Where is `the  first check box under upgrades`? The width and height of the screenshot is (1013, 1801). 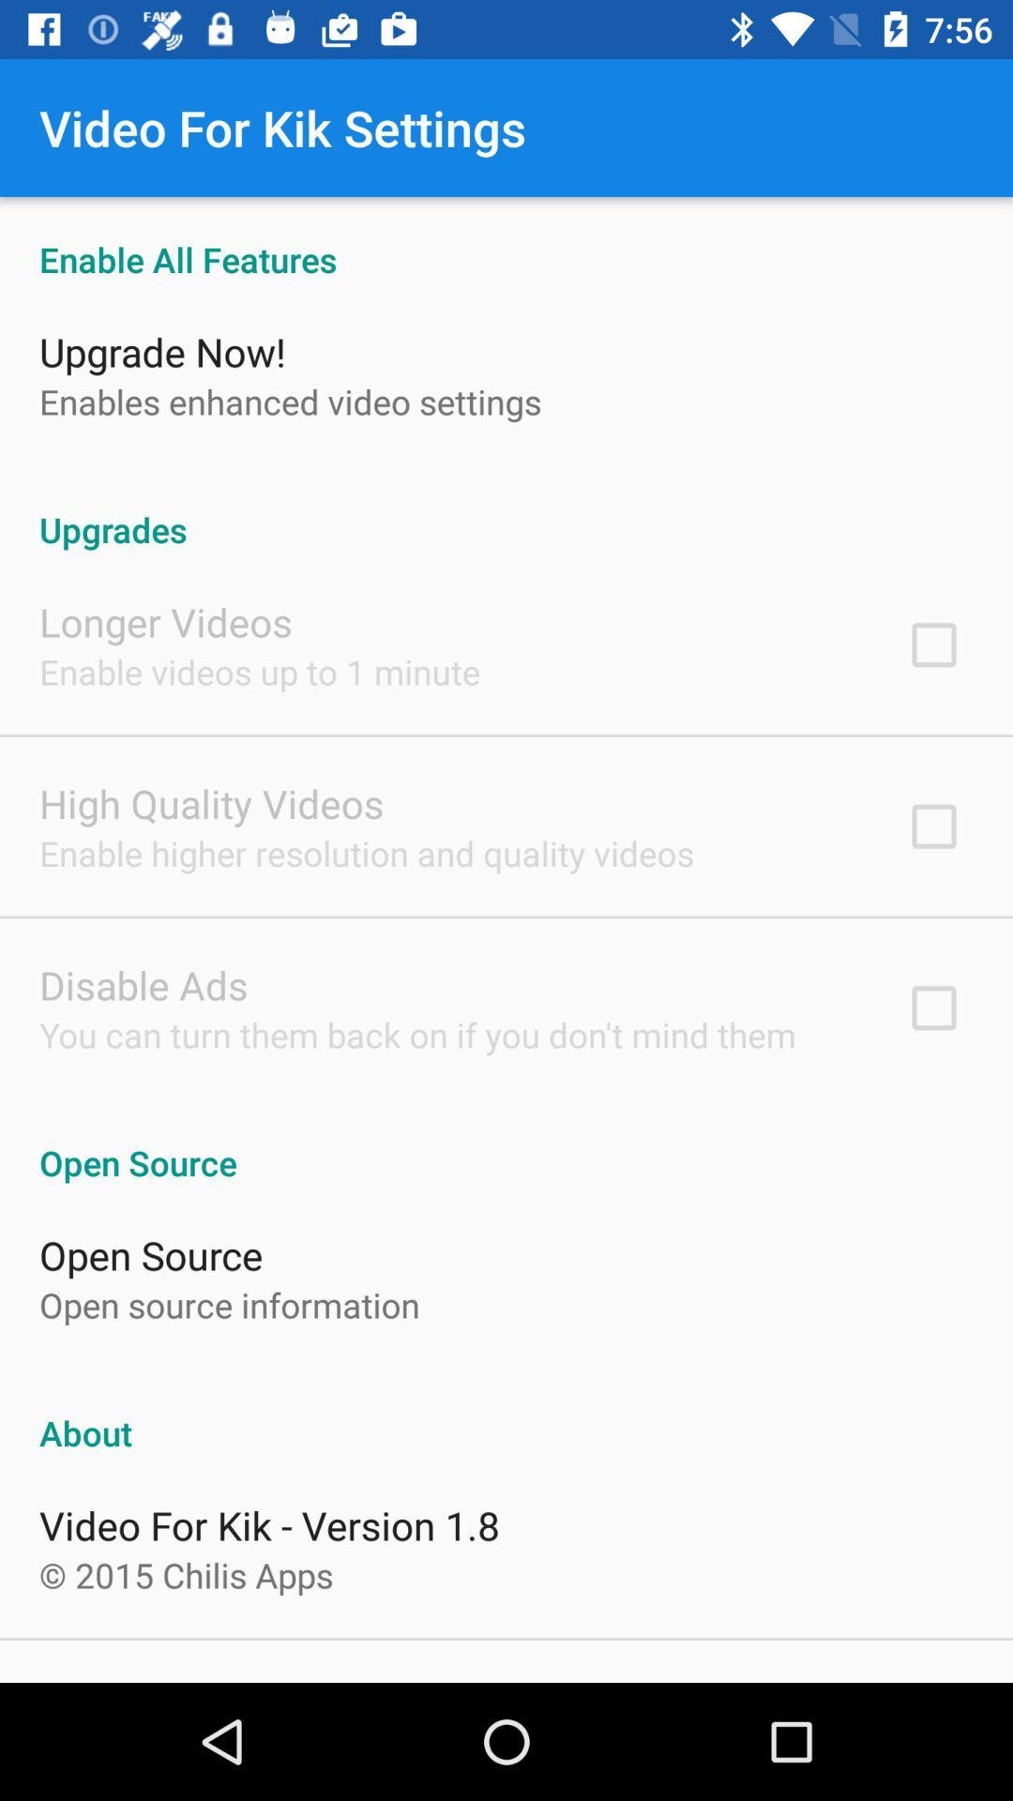
the  first check box under upgrades is located at coordinates (933, 644).